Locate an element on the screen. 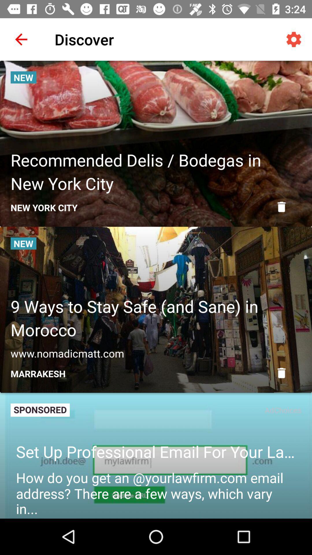 This screenshot has height=555, width=312. delete item is located at coordinates (281, 373).